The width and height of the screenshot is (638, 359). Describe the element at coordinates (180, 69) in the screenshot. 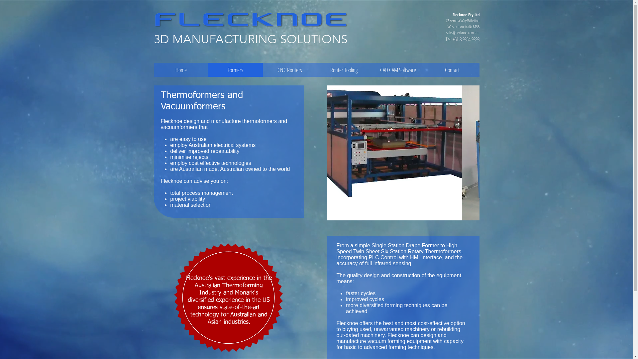

I see `'Home'` at that location.